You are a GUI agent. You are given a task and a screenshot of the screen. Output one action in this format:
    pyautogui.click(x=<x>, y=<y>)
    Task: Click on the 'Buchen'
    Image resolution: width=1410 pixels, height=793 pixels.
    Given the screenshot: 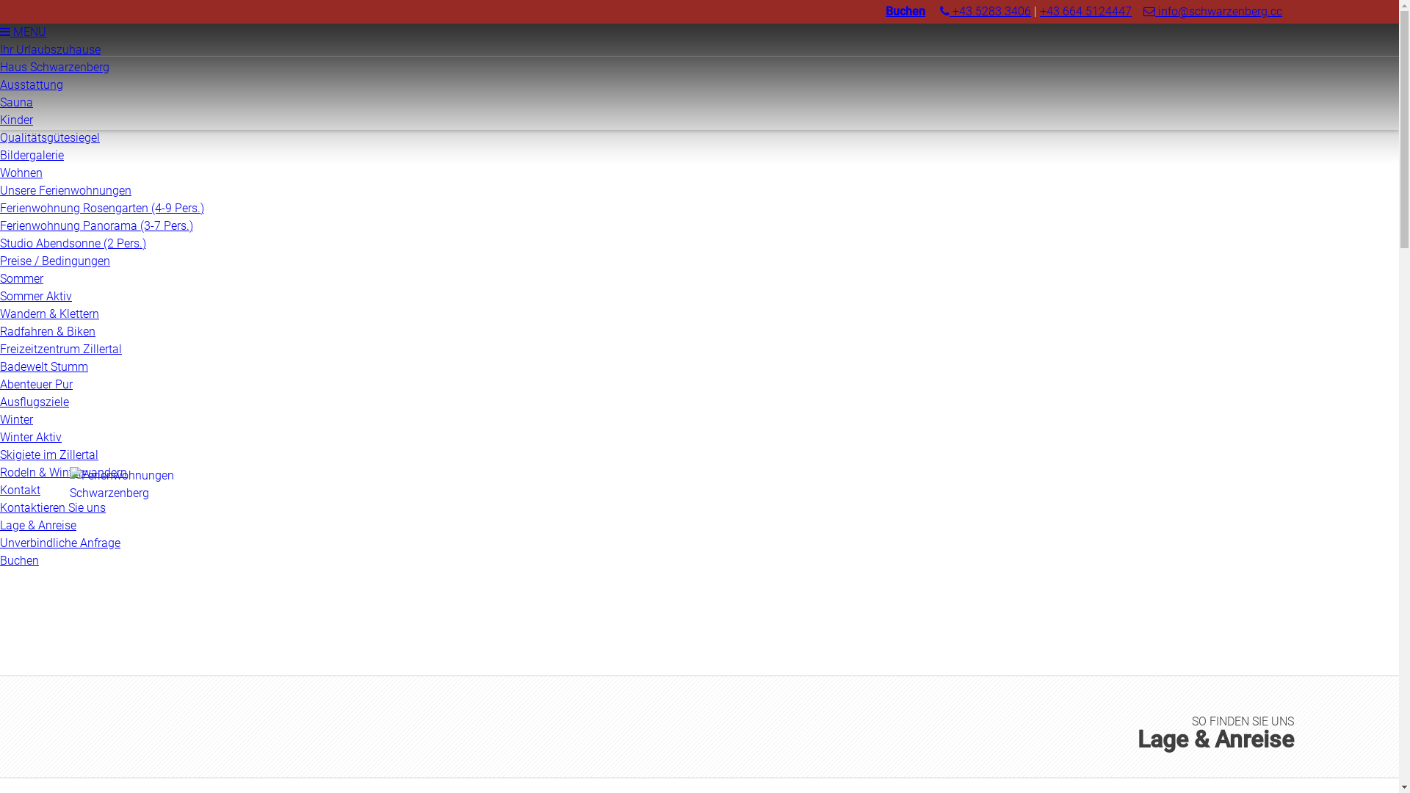 What is the action you would take?
    pyautogui.click(x=884, y=11)
    